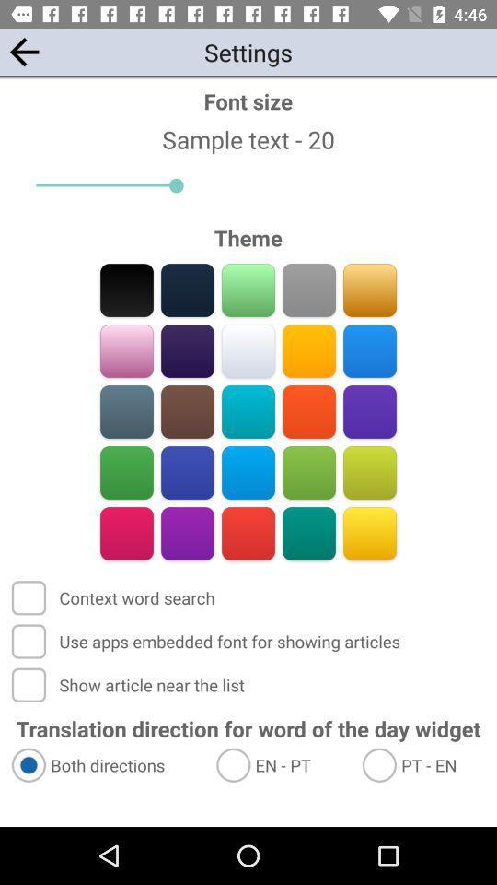 The width and height of the screenshot is (497, 885). Describe the element at coordinates (187, 350) in the screenshot. I see `color dark purple` at that location.